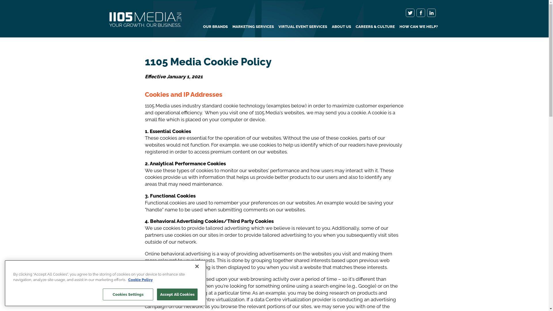 The height and width of the screenshot is (311, 553). What do you see at coordinates (341, 26) in the screenshot?
I see `'ABOUT US'` at bounding box center [341, 26].